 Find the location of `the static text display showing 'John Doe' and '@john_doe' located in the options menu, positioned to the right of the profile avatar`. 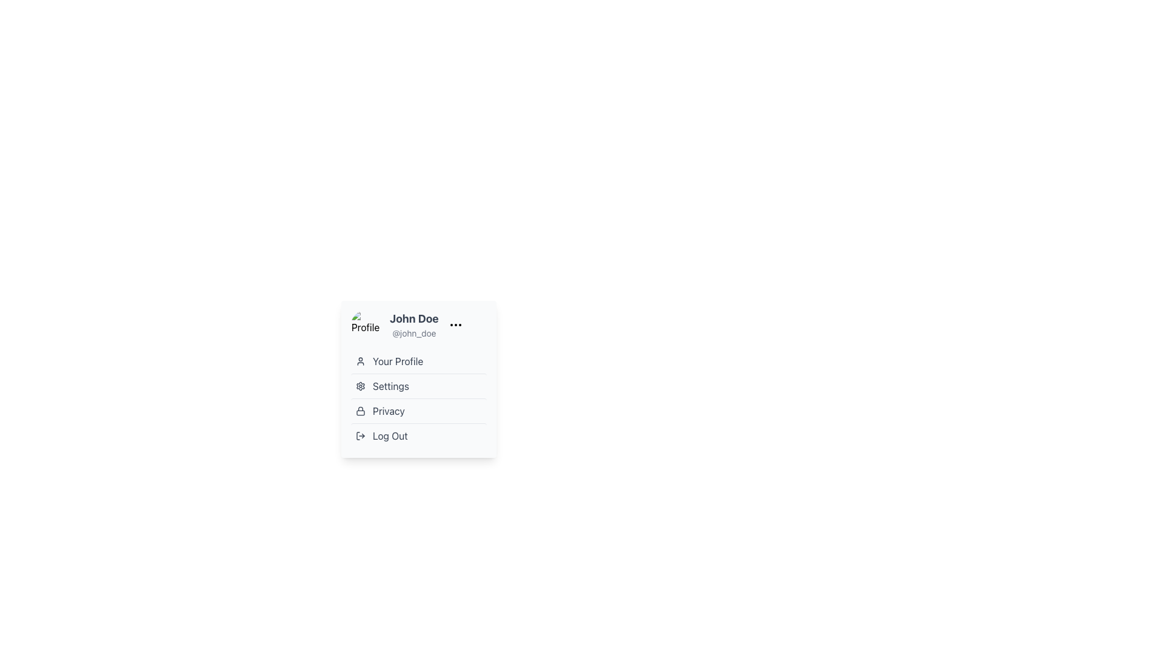

the static text display showing 'John Doe' and '@john_doe' located in the options menu, positioned to the right of the profile avatar is located at coordinates (414, 324).